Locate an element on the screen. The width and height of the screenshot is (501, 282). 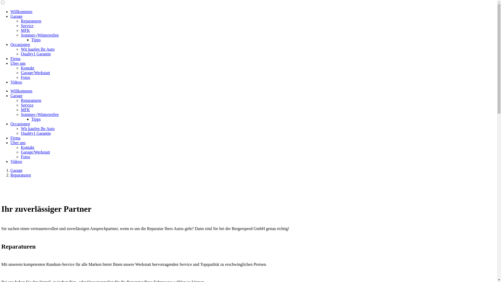
'Garage' is located at coordinates (16, 170).